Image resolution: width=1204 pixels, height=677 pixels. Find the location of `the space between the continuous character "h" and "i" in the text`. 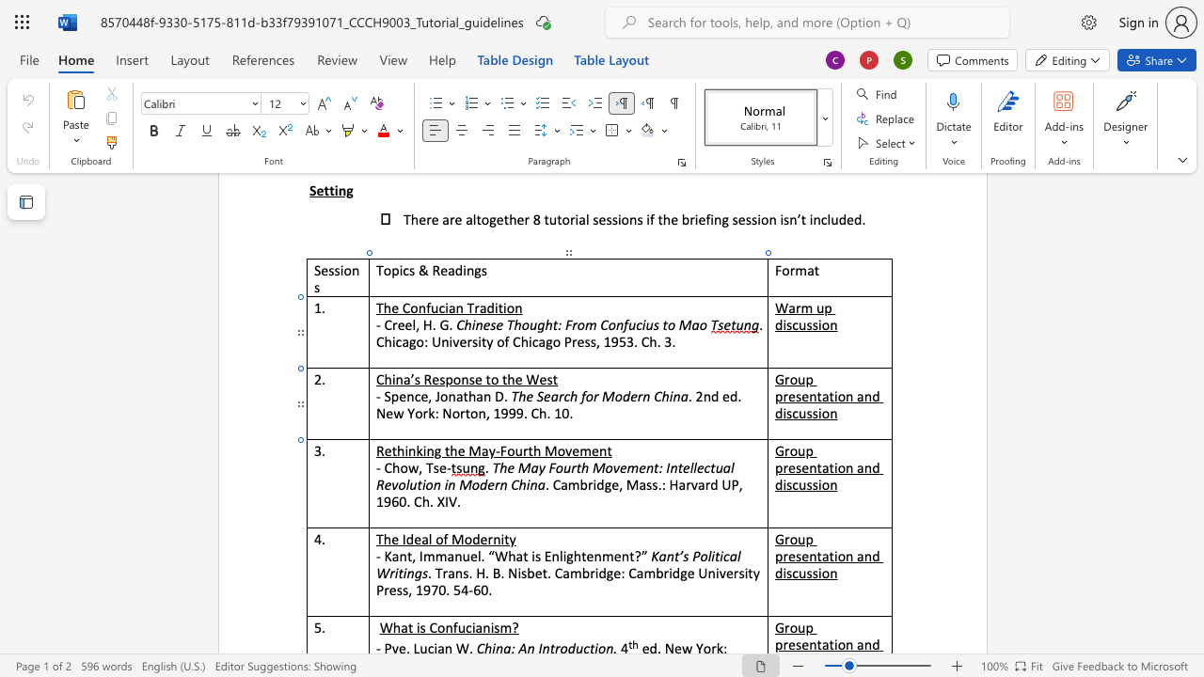

the space between the continuous character "h" and "i" in the text is located at coordinates (403, 450).